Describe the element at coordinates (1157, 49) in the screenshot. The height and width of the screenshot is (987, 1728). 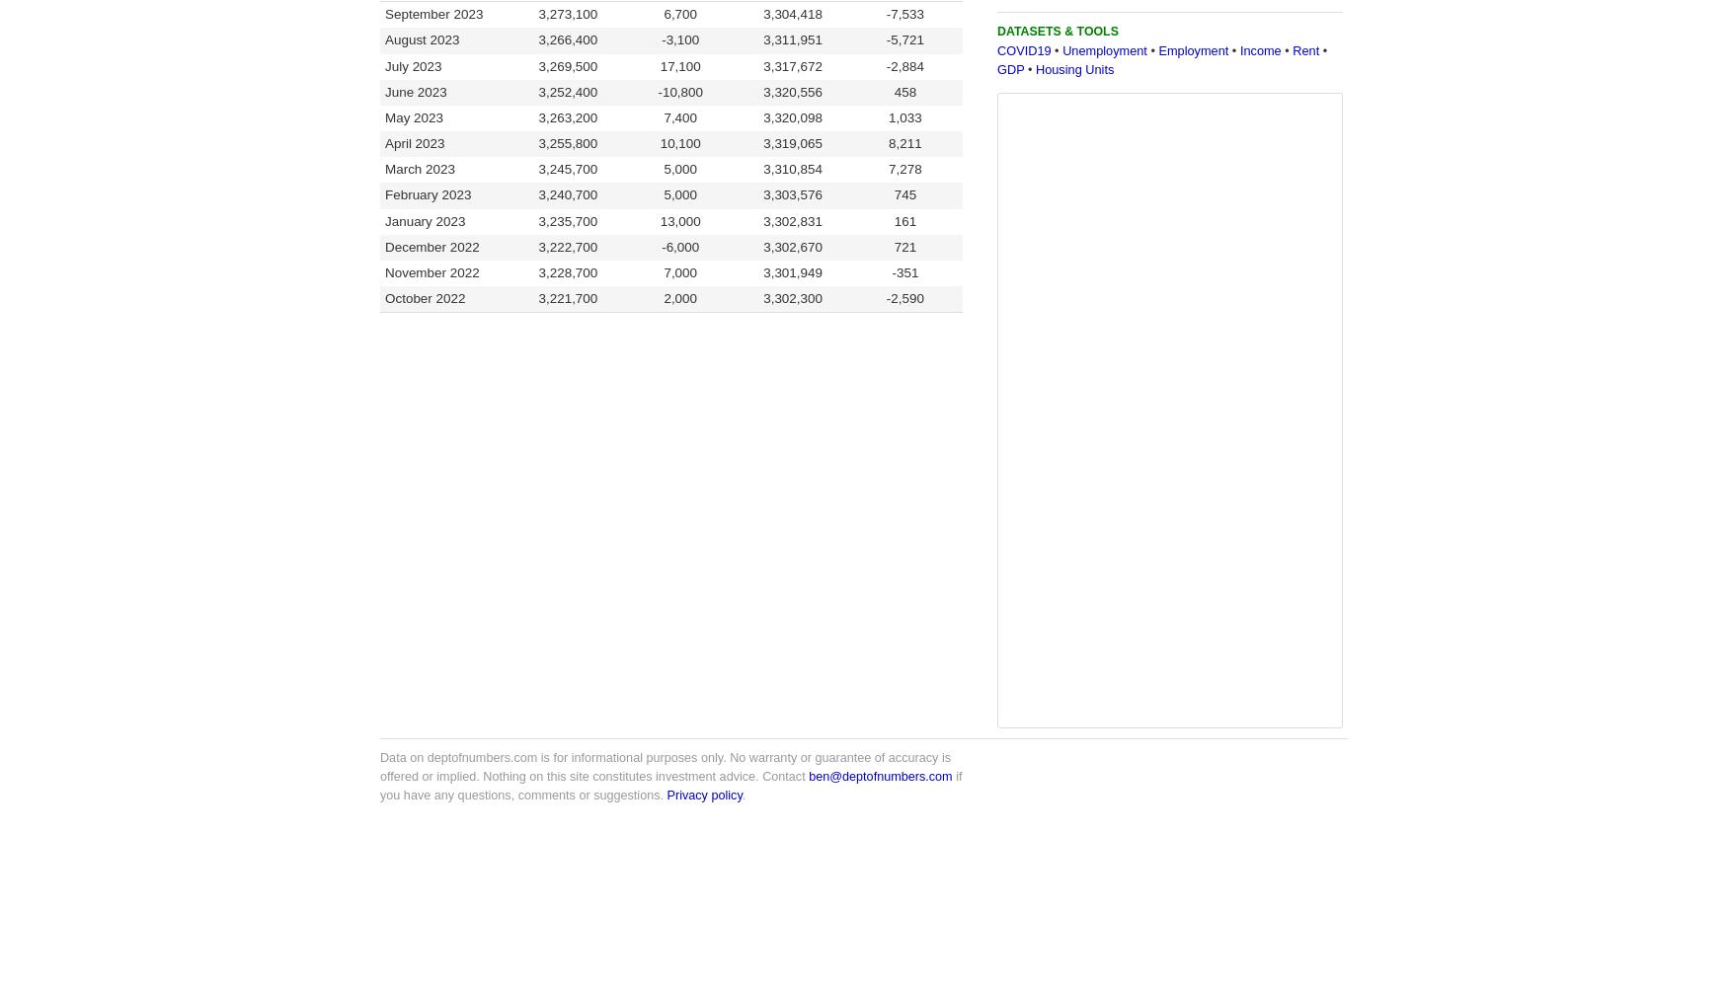
I see `'Employment'` at that location.